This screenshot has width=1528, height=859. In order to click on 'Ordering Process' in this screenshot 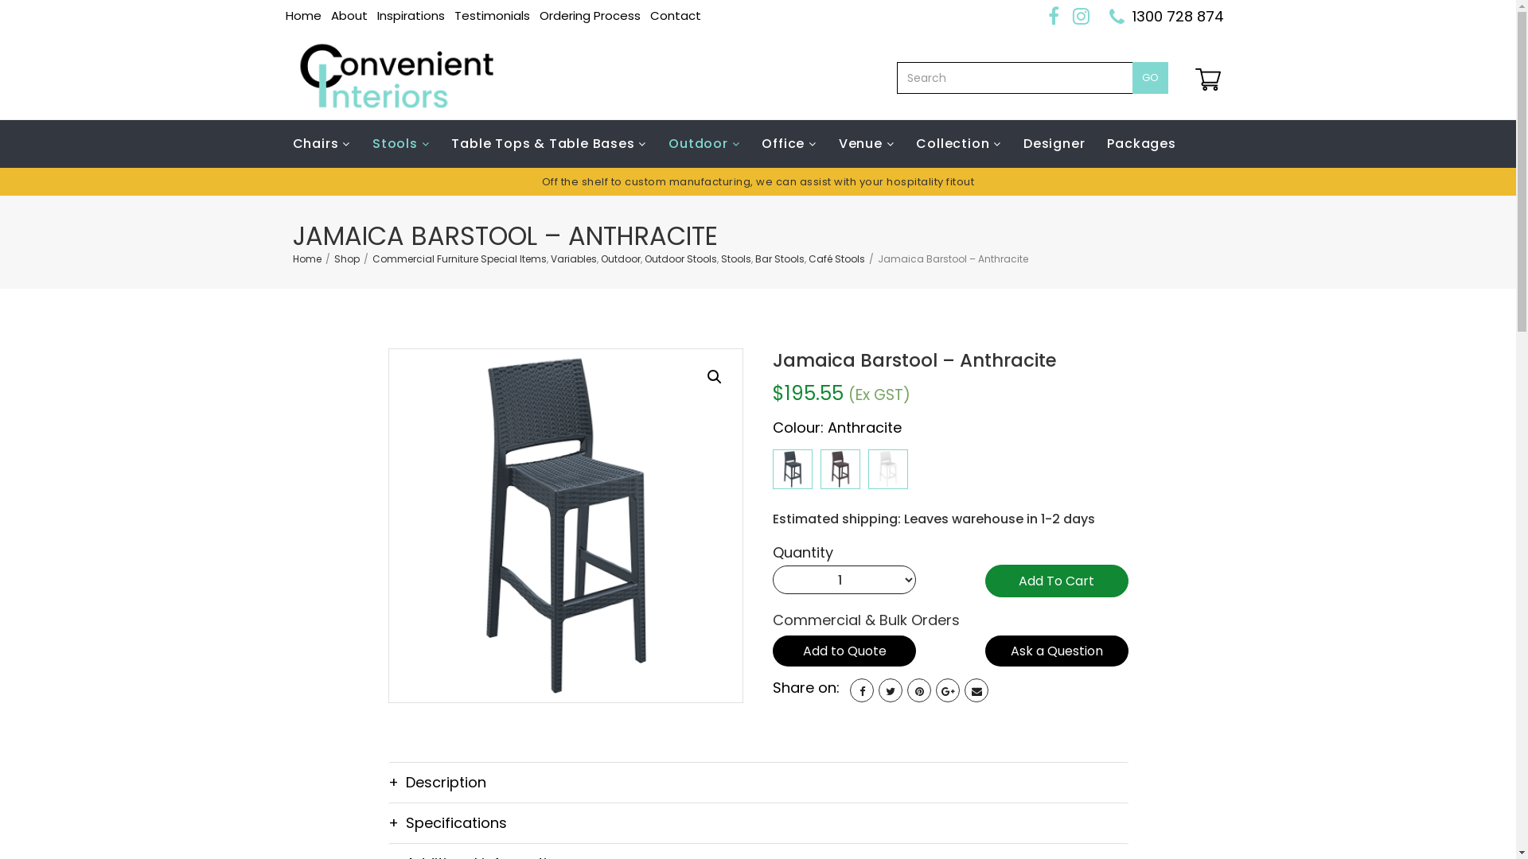, I will do `click(589, 15)`.